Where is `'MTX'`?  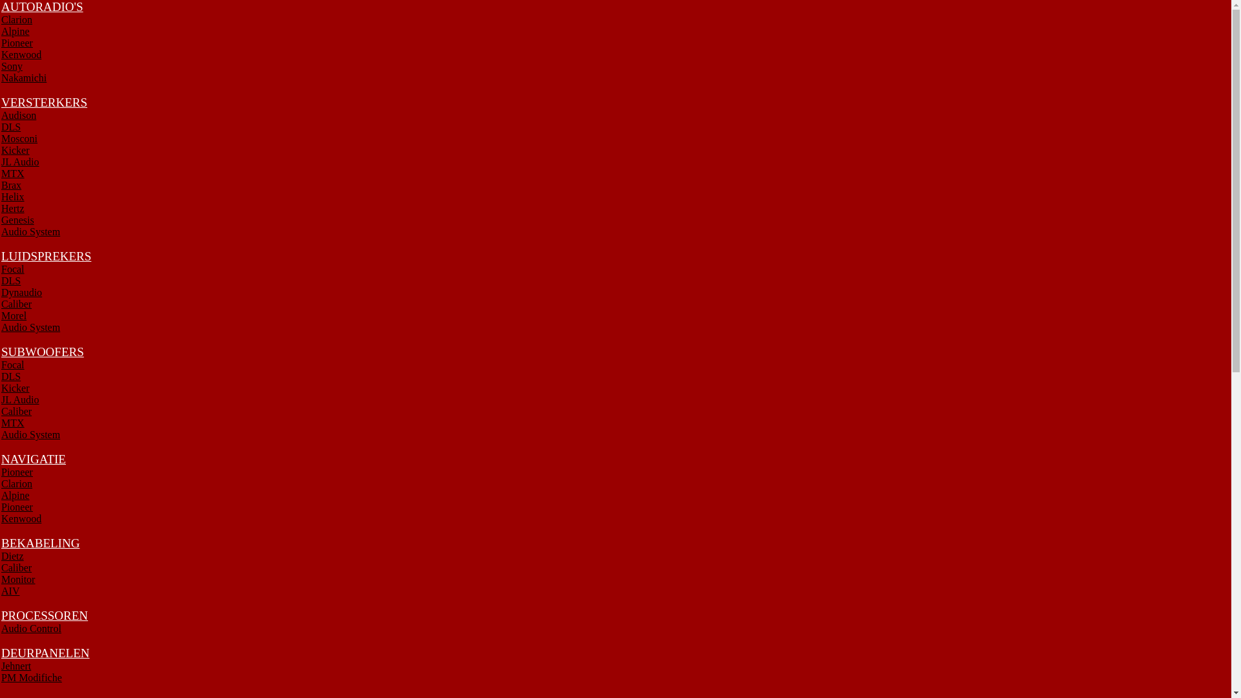 'MTX' is located at coordinates (12, 423).